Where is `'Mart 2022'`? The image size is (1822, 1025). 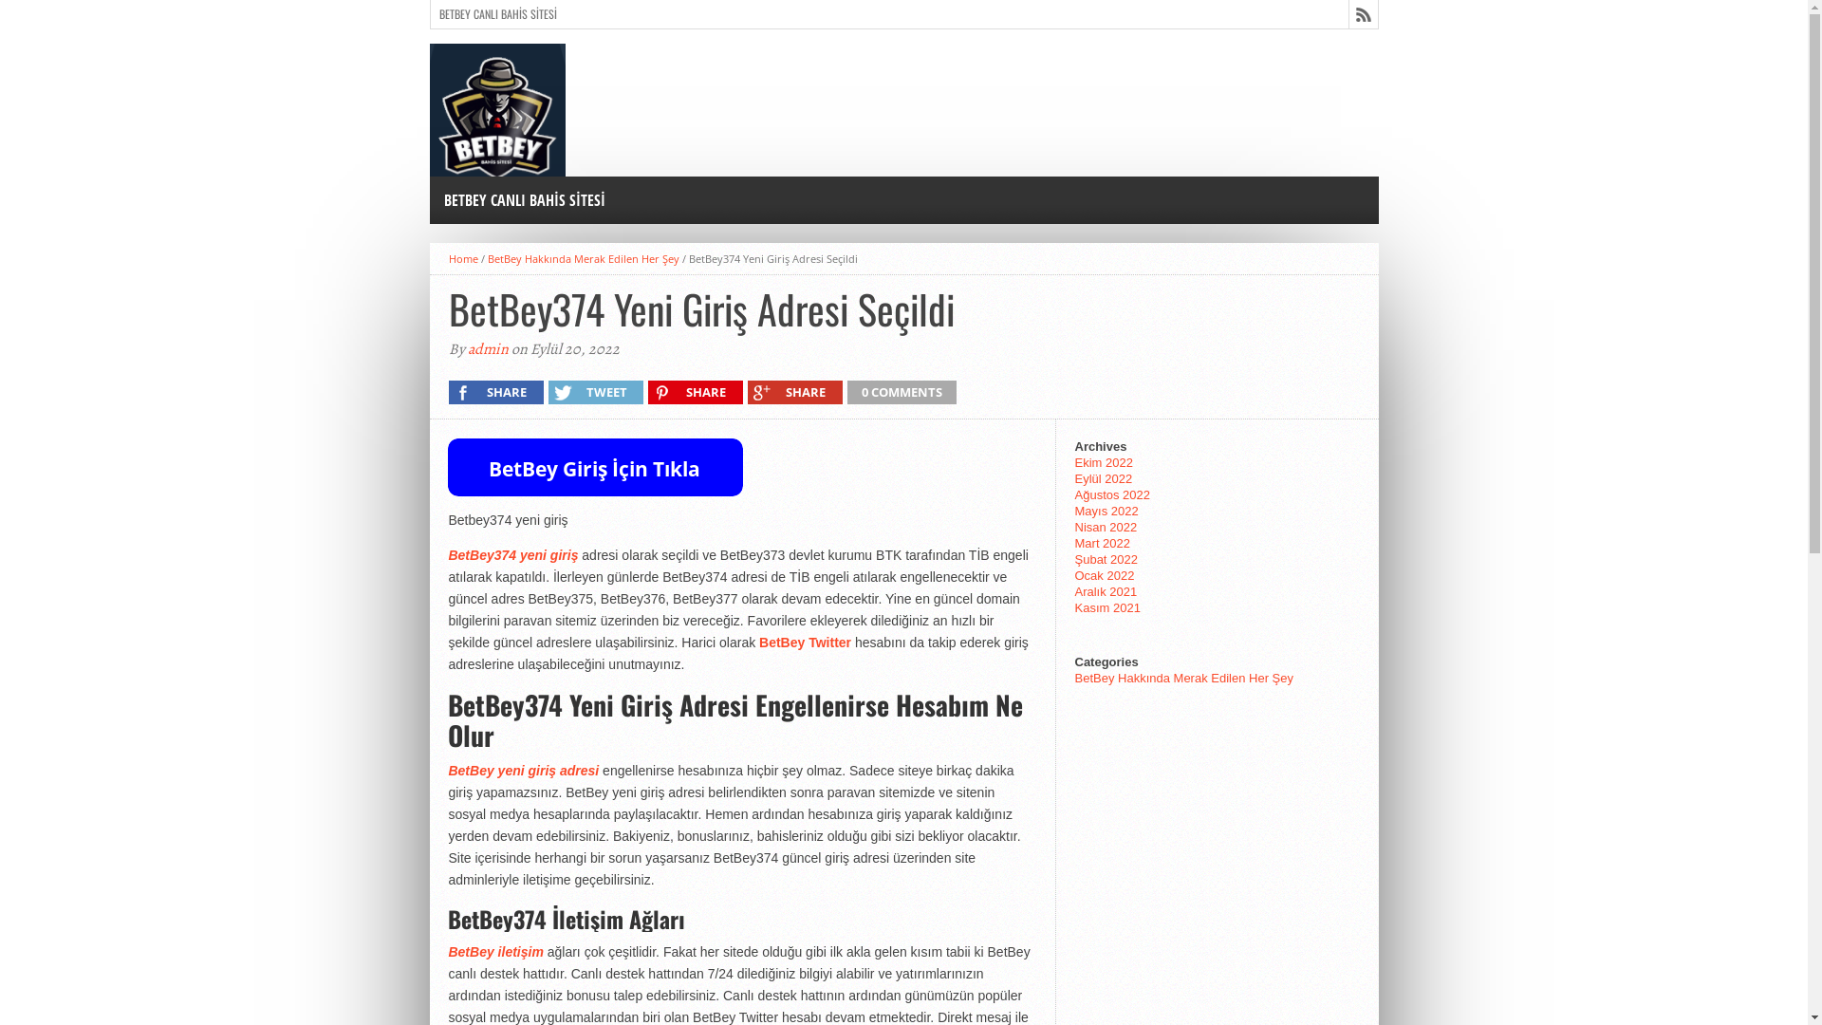
'Mart 2022' is located at coordinates (1102, 543).